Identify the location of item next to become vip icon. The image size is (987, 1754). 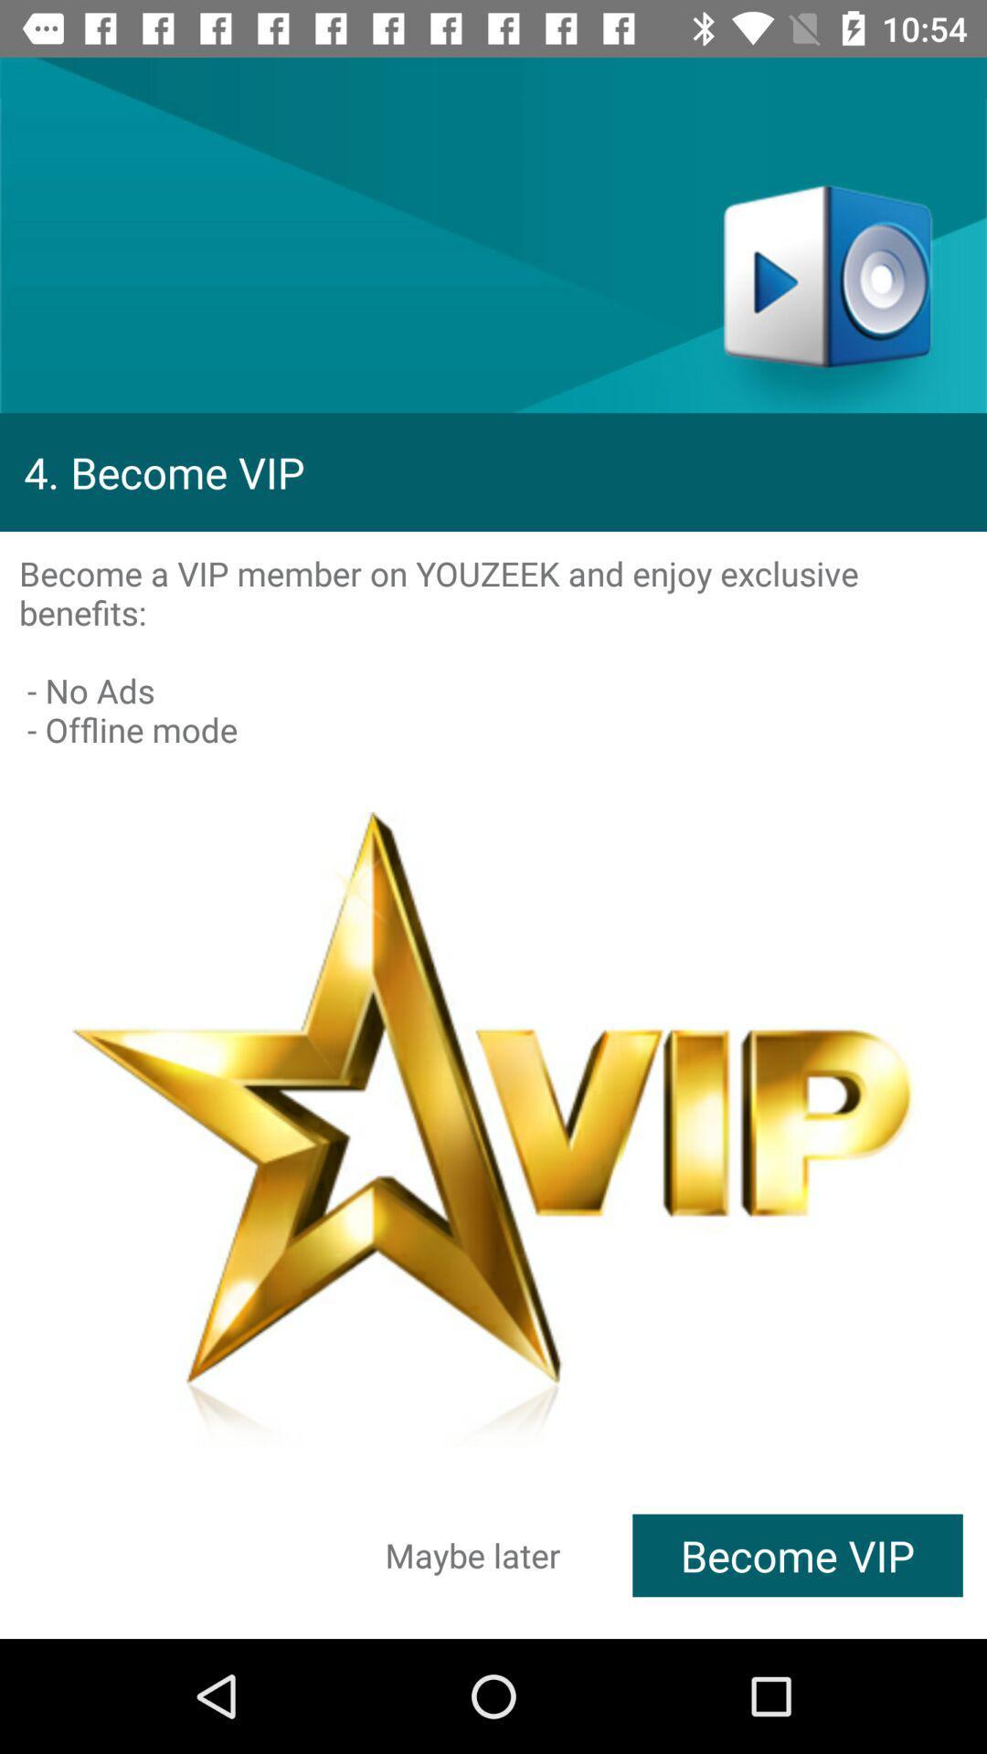
(472, 1554).